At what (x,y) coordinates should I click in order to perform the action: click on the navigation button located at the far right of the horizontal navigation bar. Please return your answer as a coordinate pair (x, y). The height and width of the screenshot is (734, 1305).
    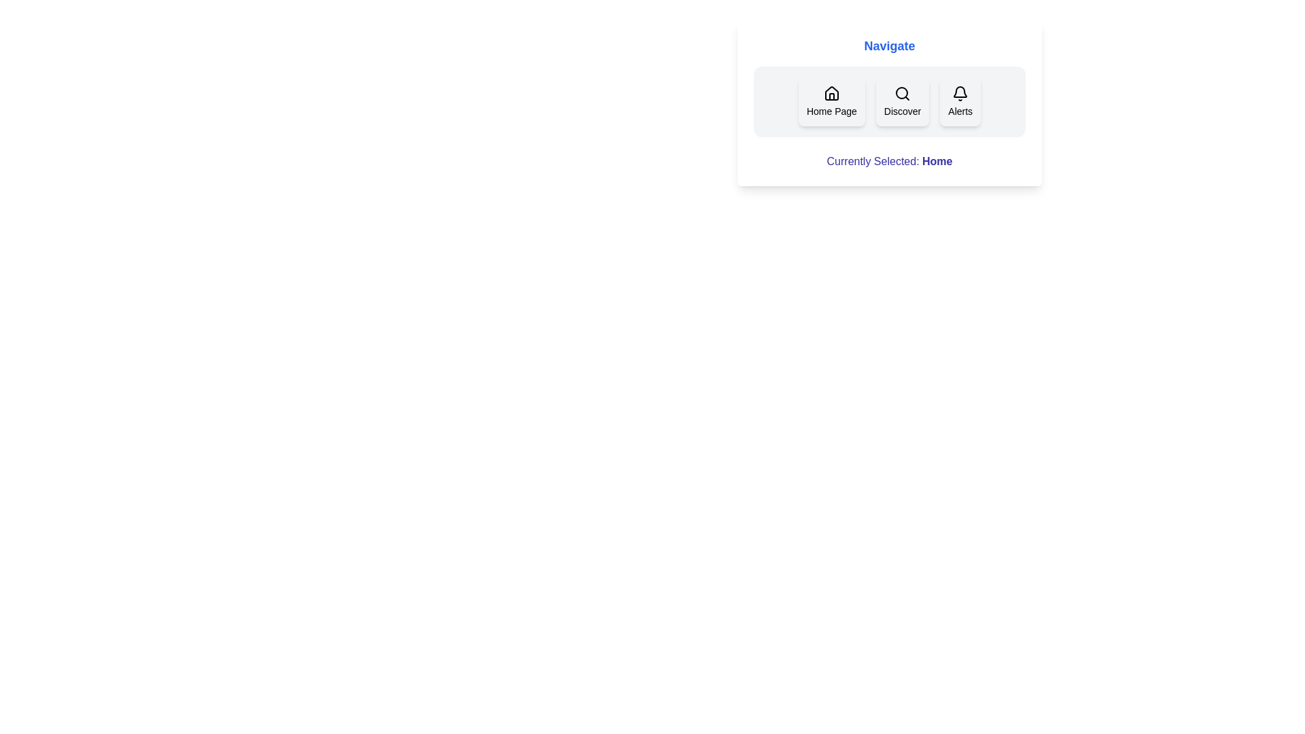
    Looking at the image, I should click on (960, 101).